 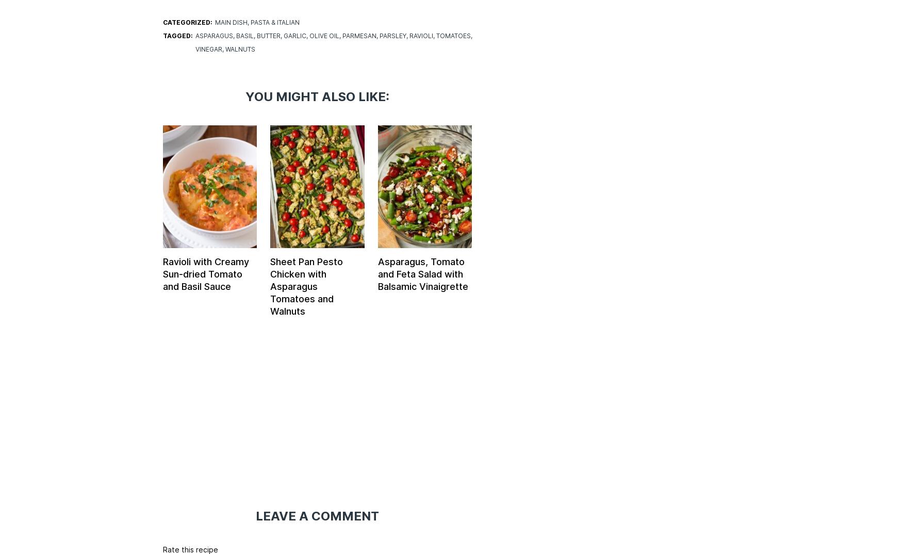 I want to click on 'Pasta & Italian', so click(x=274, y=22).